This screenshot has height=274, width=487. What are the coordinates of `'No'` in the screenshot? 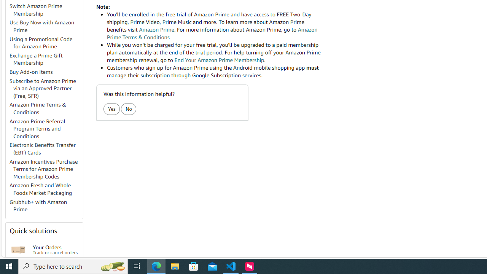 It's located at (129, 109).